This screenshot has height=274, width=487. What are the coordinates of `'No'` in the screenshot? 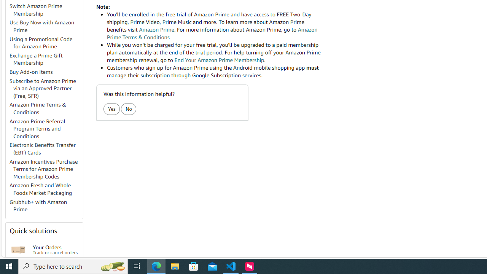 It's located at (129, 109).